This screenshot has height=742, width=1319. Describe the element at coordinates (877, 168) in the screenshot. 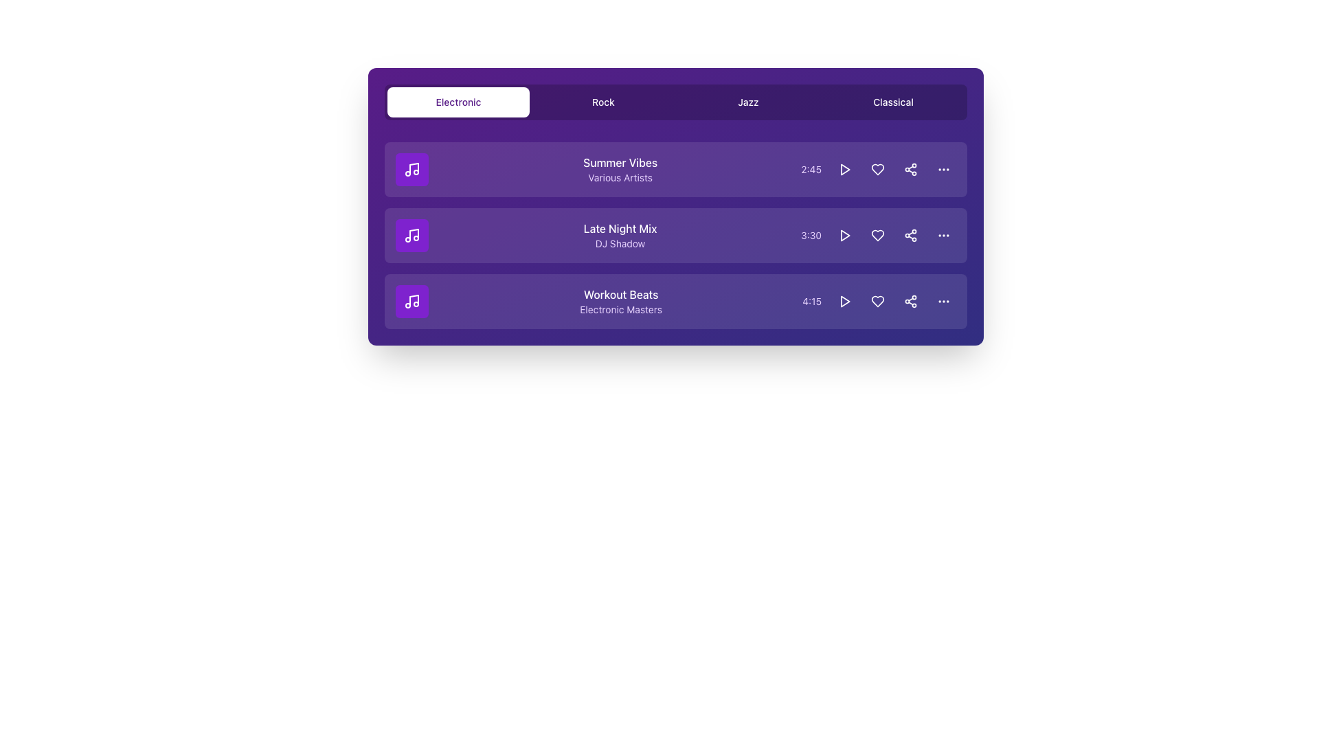

I see `the heart-shaped 'like' button located in the action area of the first song row ('Summer Vibes'), positioned between the play button and the share button` at that location.